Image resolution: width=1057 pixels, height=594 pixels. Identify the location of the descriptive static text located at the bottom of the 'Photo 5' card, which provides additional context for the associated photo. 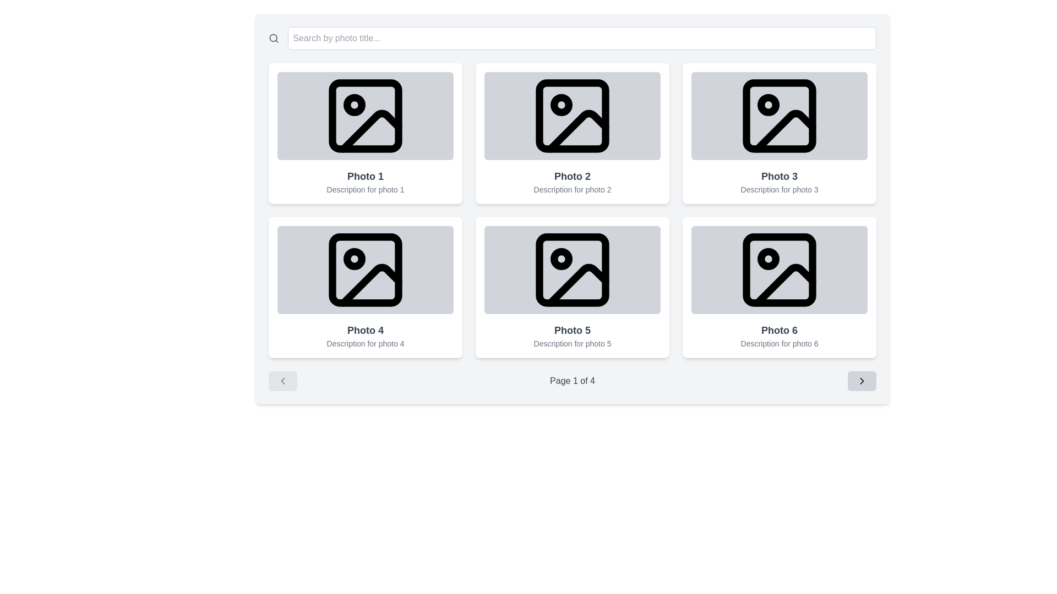
(573, 343).